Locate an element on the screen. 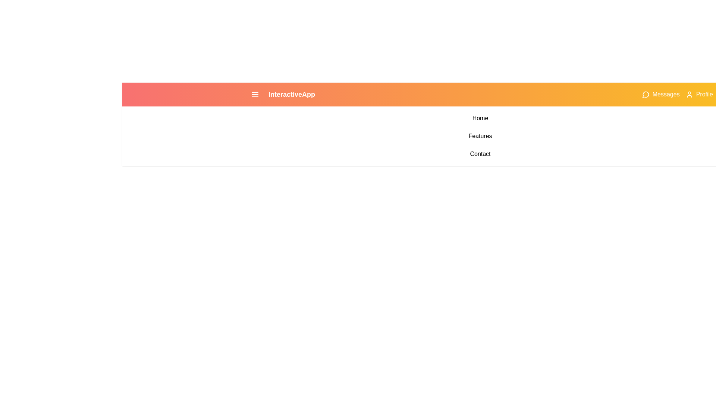 The height and width of the screenshot is (402, 716). the 'Messages' button is located at coordinates (660, 94).